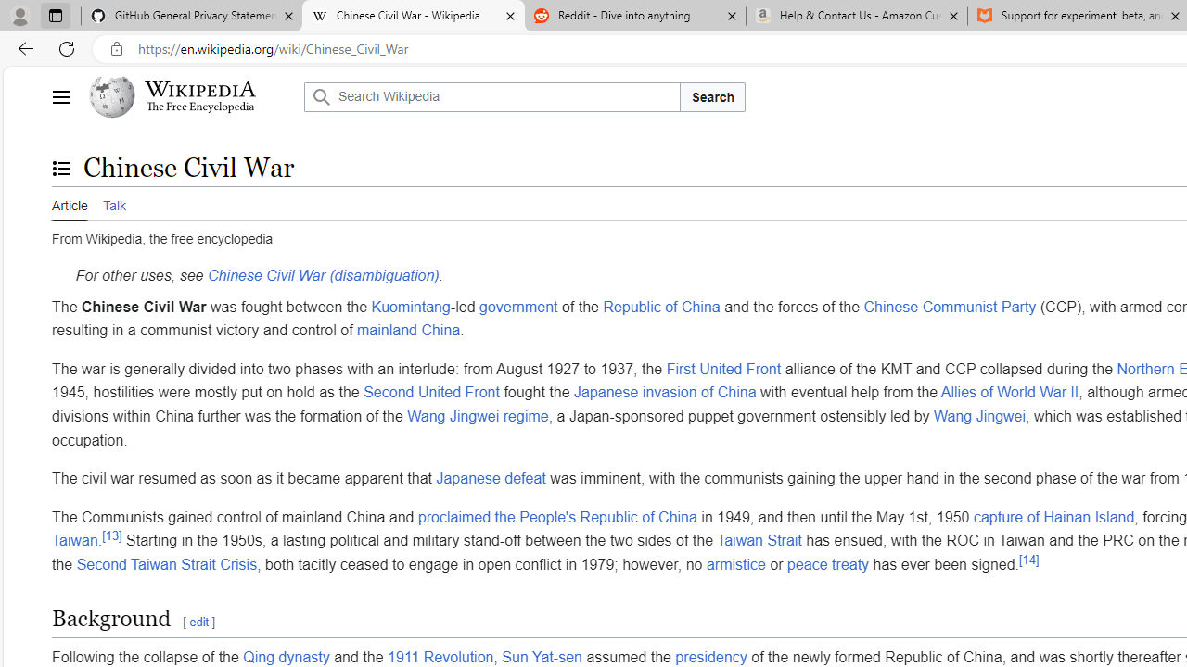 The height and width of the screenshot is (667, 1187). What do you see at coordinates (979, 415) in the screenshot?
I see `'Wang Jingwei'` at bounding box center [979, 415].